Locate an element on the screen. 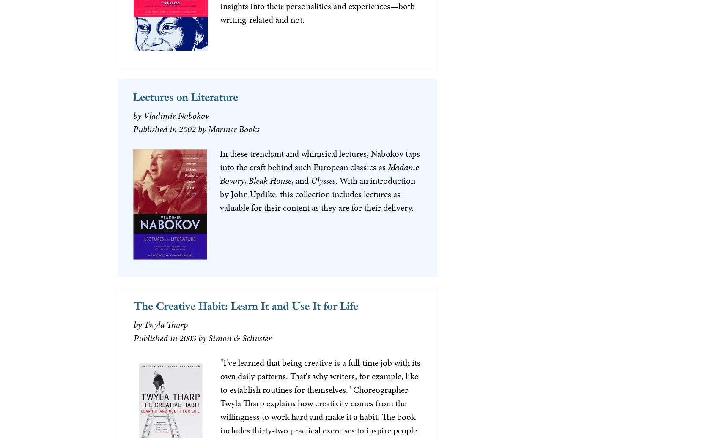 The height and width of the screenshot is (438, 719). '2002' is located at coordinates (178, 128).